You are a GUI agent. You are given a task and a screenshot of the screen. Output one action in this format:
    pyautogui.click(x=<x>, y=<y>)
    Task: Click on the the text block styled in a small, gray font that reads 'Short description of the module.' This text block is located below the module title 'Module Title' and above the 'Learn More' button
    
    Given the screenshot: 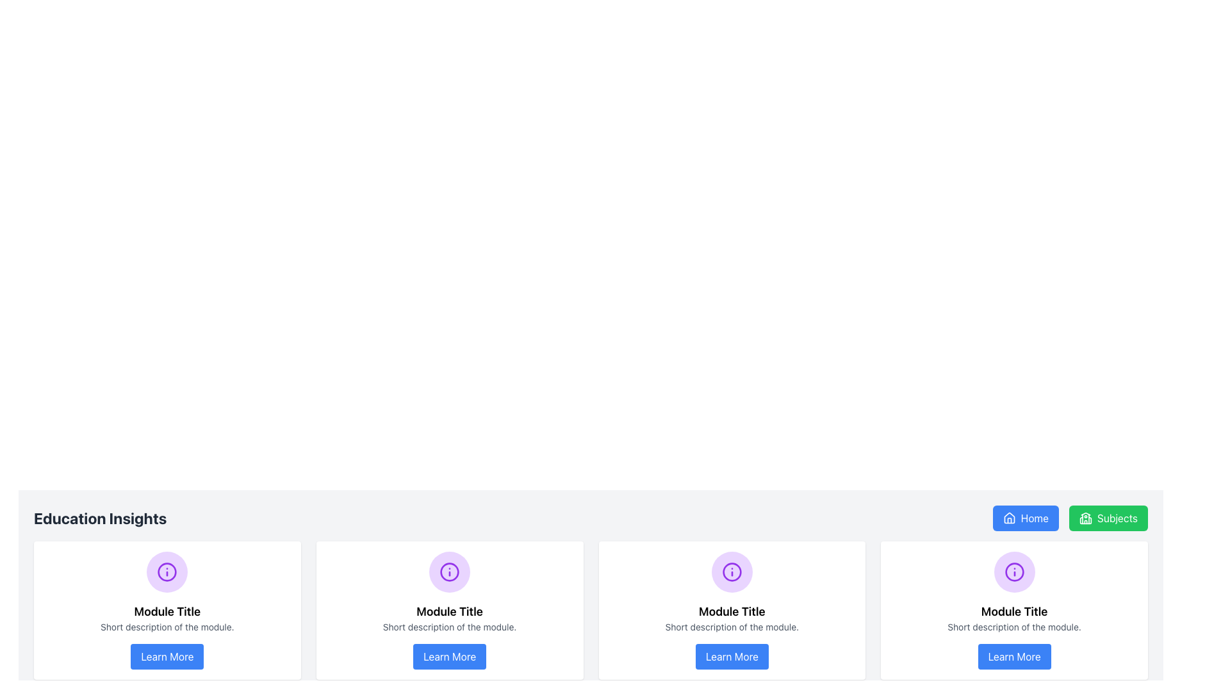 What is the action you would take?
    pyautogui.click(x=167, y=627)
    